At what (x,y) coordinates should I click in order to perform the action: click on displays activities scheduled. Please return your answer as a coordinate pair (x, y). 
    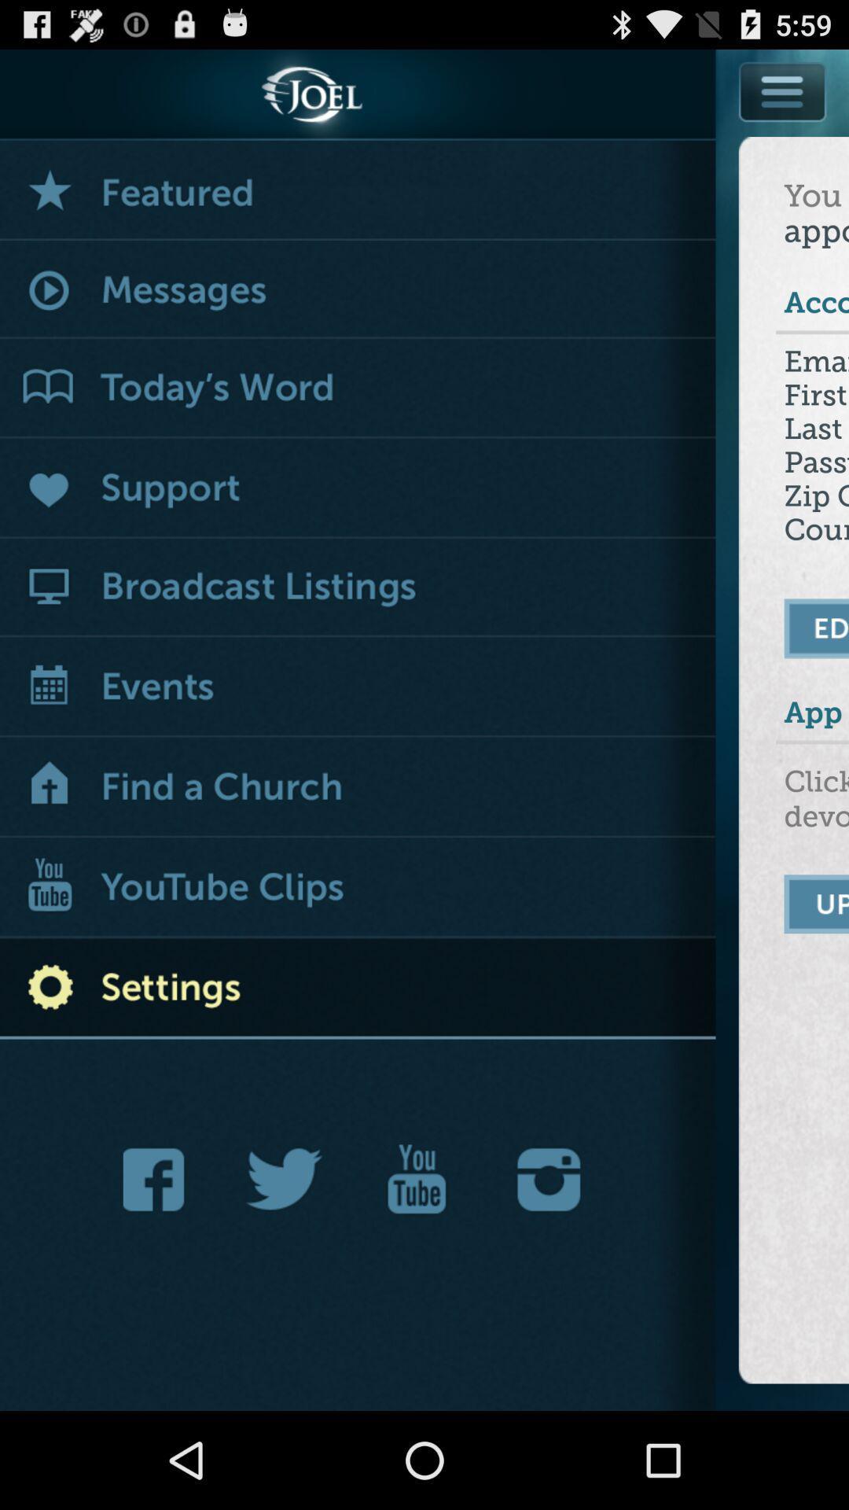
    Looking at the image, I should click on (358, 688).